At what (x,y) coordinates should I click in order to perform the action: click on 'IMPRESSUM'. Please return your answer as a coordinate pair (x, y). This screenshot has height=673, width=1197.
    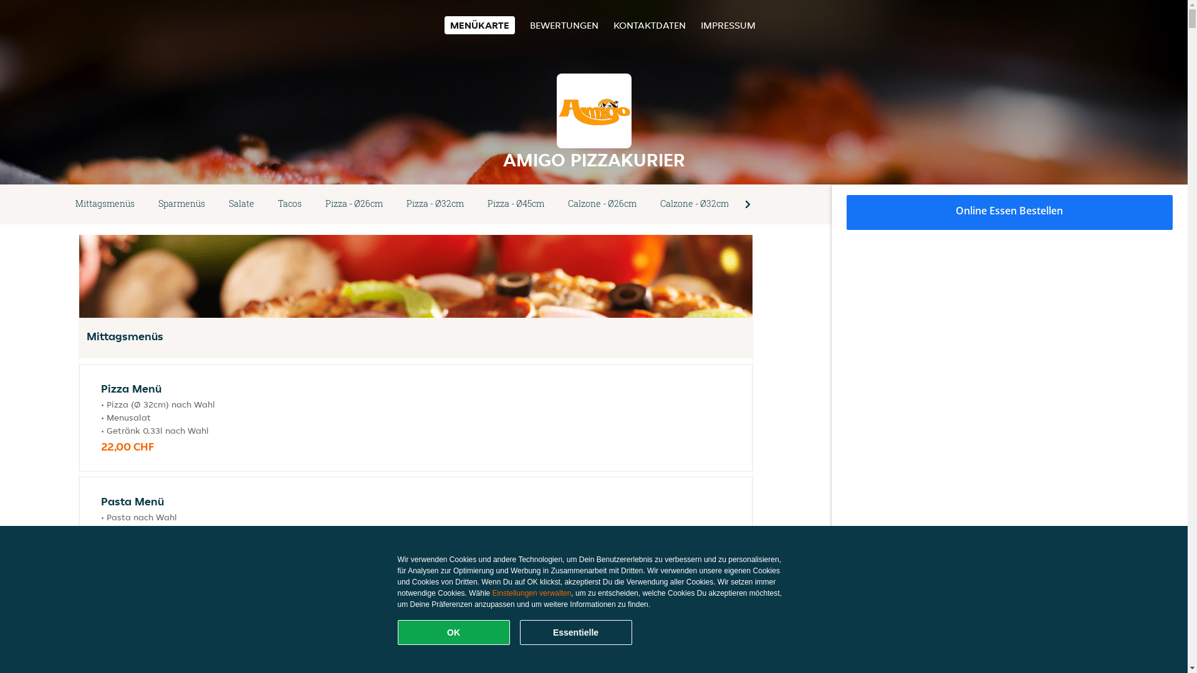
    Looking at the image, I should click on (728, 25).